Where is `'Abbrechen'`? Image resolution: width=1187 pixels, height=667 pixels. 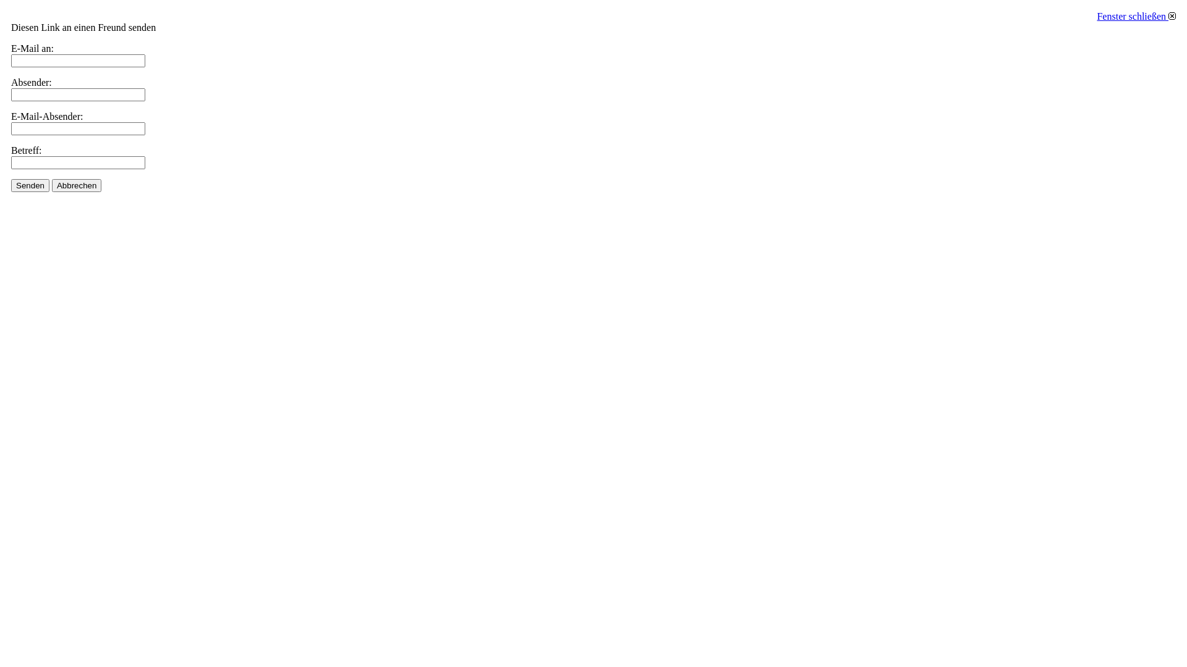 'Abbrechen' is located at coordinates (76, 185).